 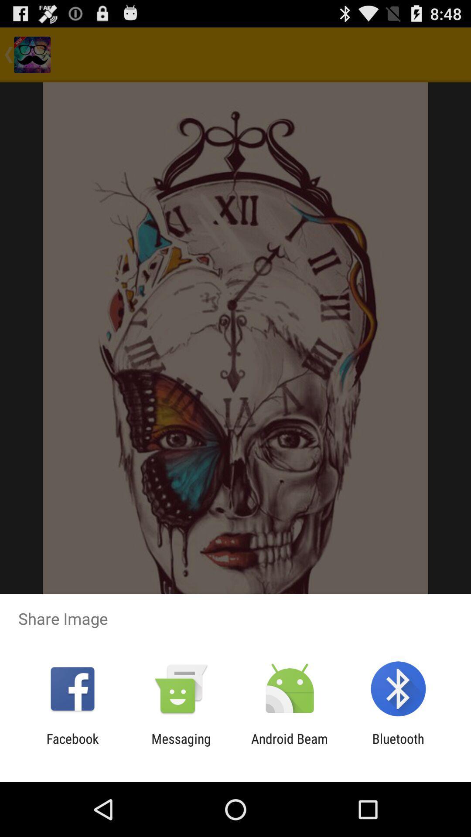 I want to click on the facebook app, so click(x=72, y=746).